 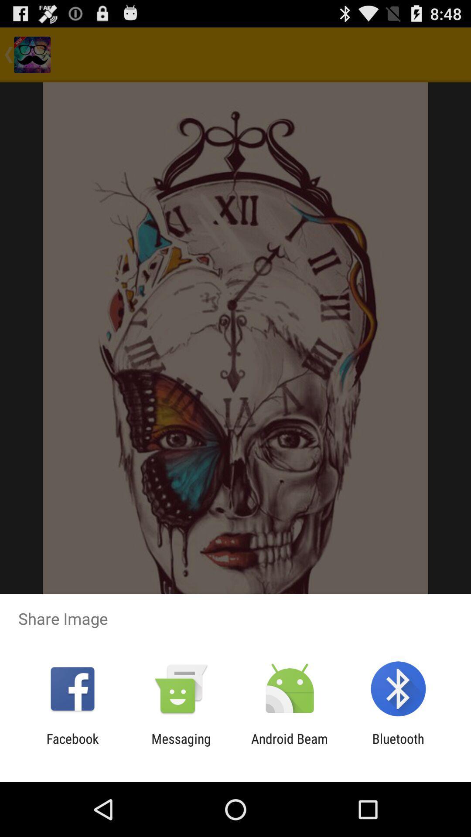 I want to click on the facebook app, so click(x=72, y=746).